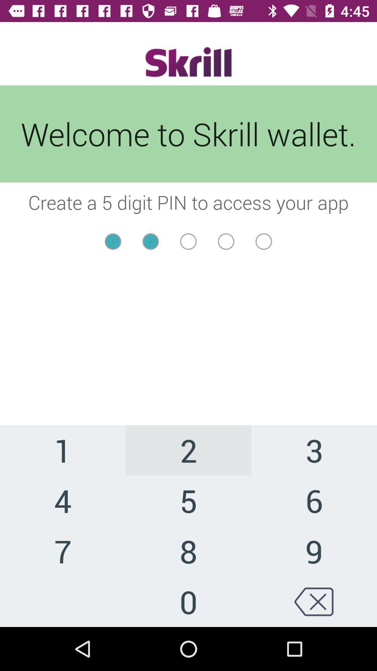 The image size is (377, 671). I want to click on item next to the 6 icon, so click(188, 550).